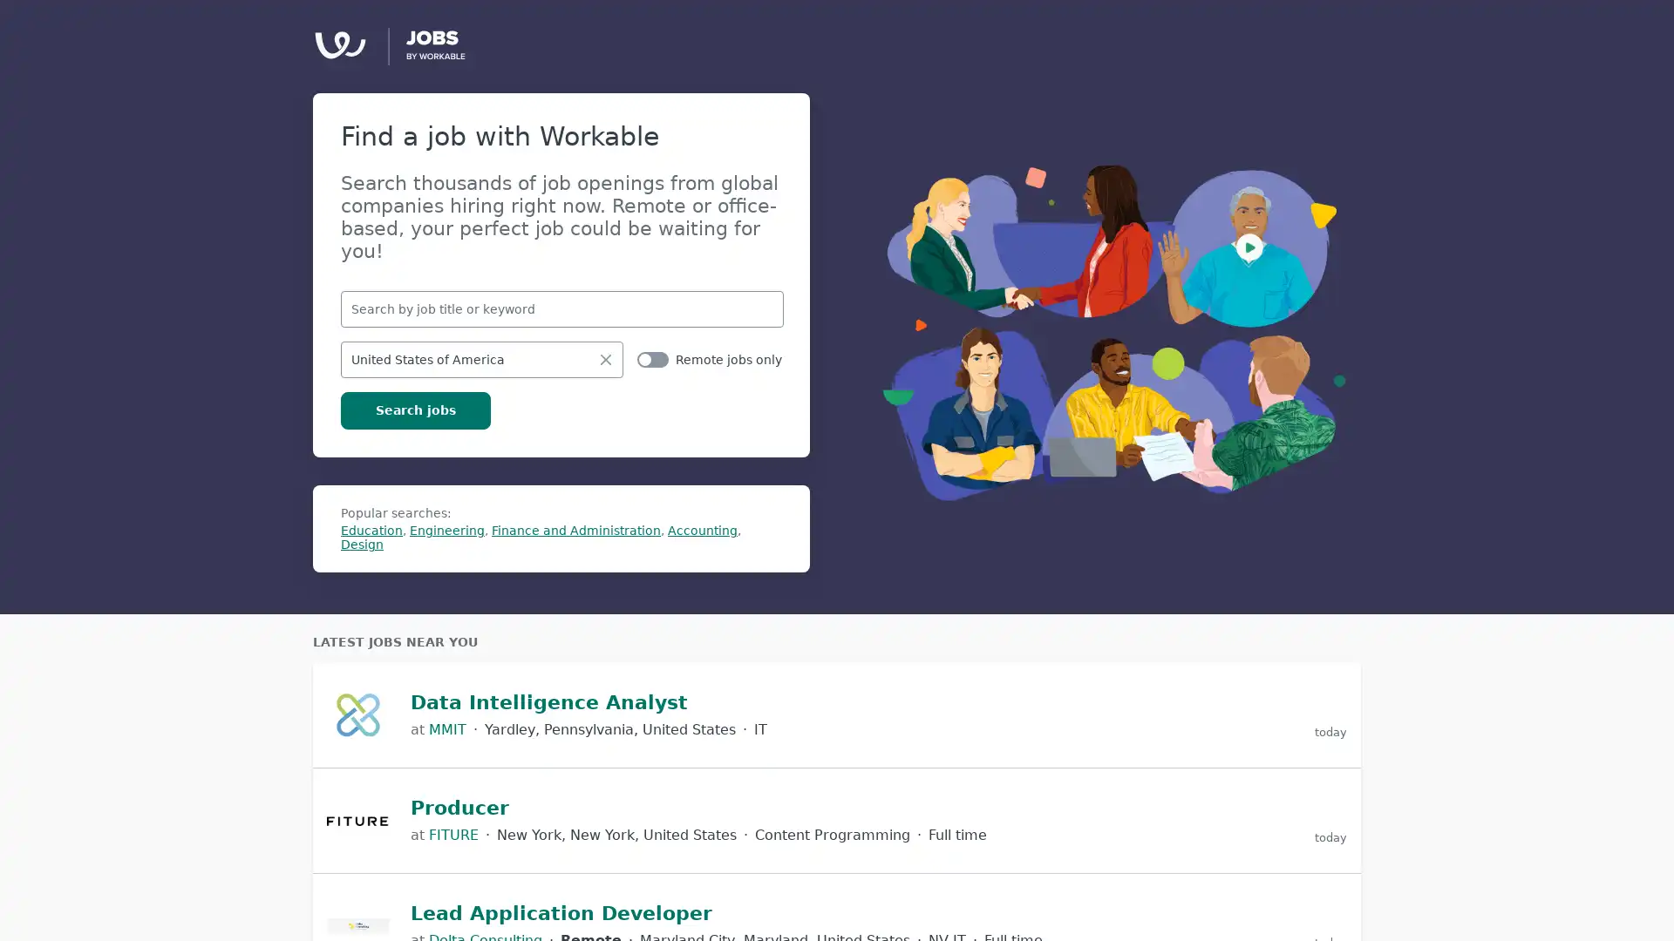  I want to click on Producer at FITURE, so click(837, 820).